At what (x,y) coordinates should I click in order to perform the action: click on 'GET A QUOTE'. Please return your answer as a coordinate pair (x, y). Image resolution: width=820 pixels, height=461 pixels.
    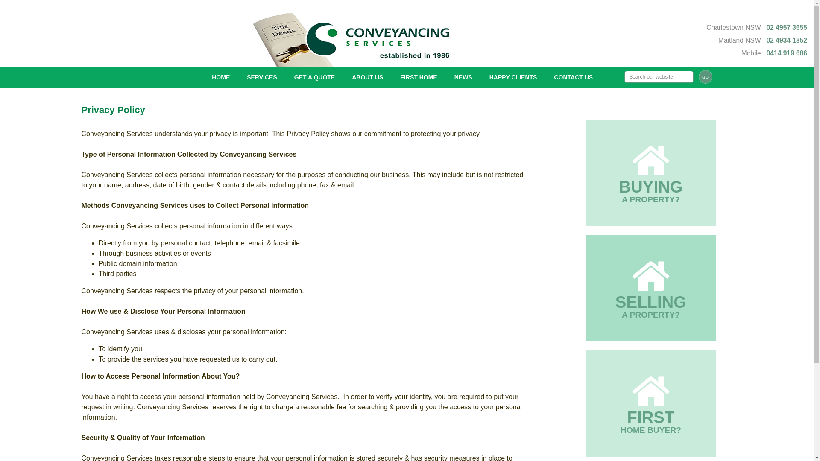
    Looking at the image, I should click on (285, 77).